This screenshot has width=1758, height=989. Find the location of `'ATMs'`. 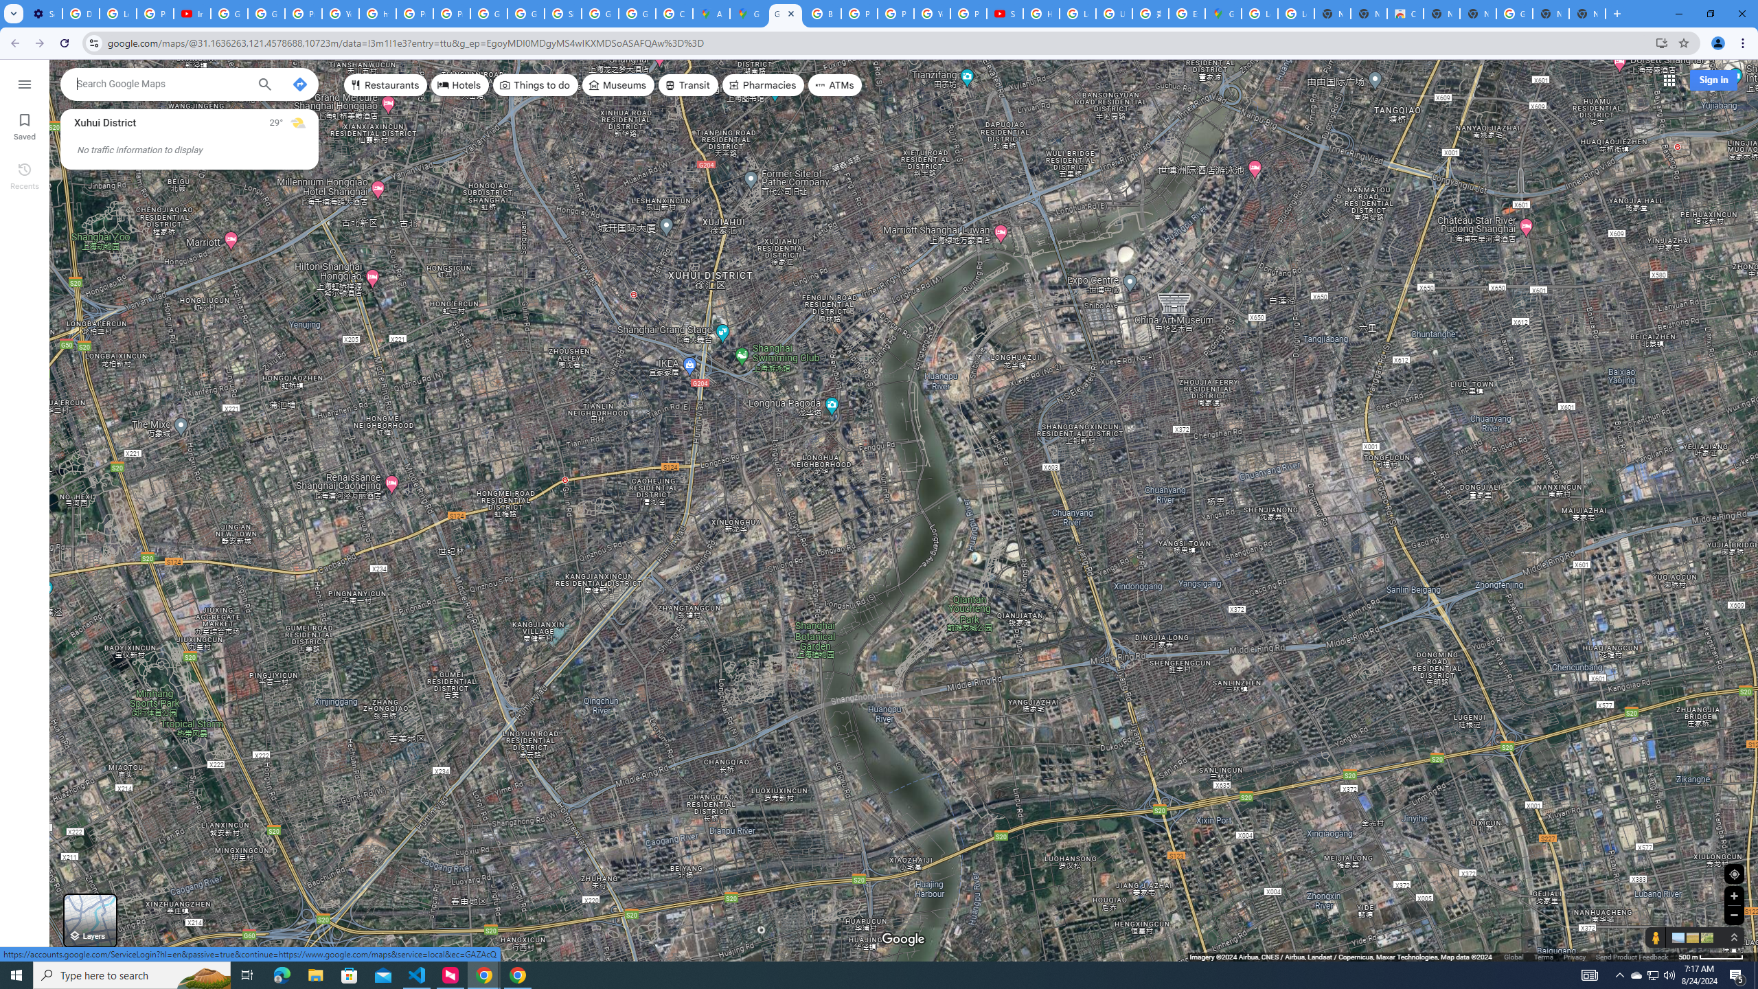

'ATMs' is located at coordinates (835, 84).